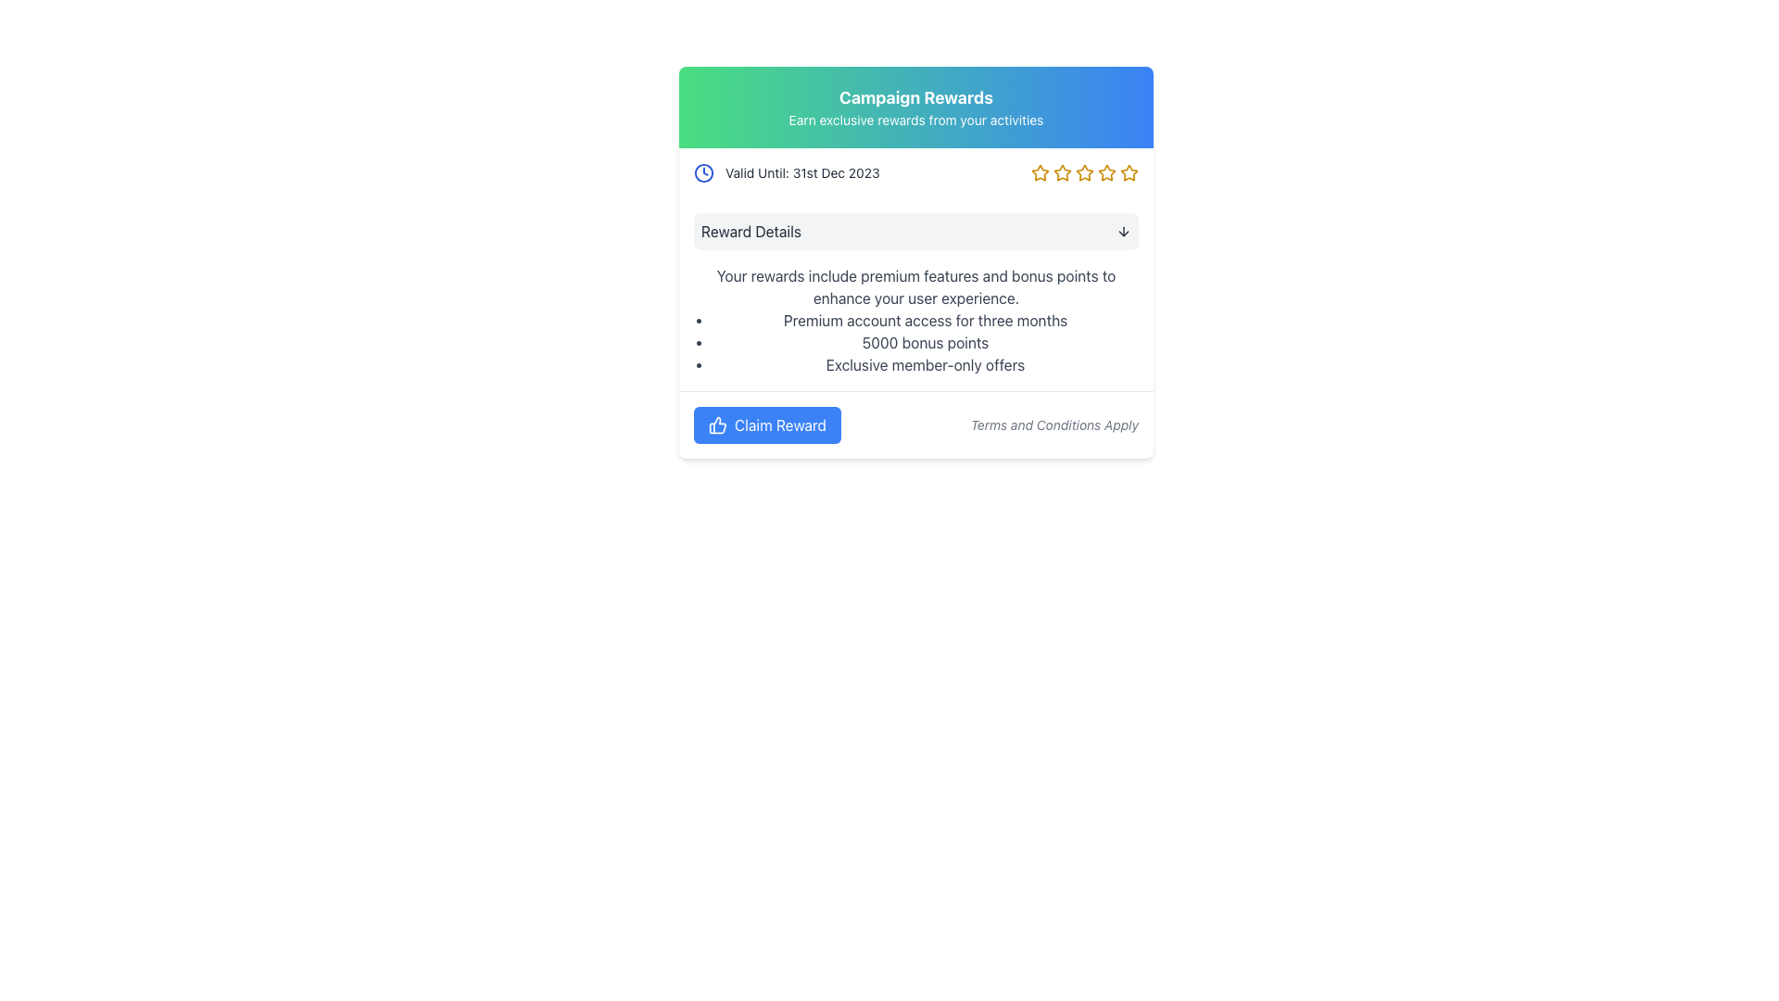  What do you see at coordinates (915, 120) in the screenshot?
I see `the text element displaying 'Earn exclusive rewards from your activities', which is styled in white and located below the 'Campaign Rewards' heading within a card component` at bounding box center [915, 120].